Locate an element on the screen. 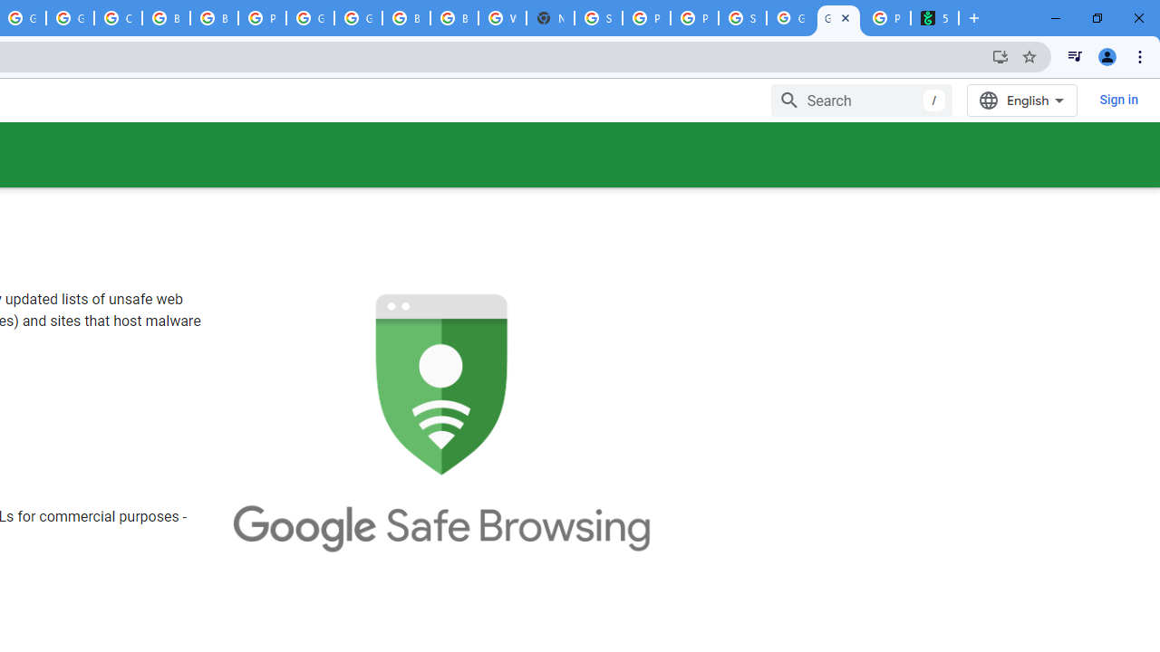 The height and width of the screenshot is (652, 1160). 'New Tab' is located at coordinates (549, 18).